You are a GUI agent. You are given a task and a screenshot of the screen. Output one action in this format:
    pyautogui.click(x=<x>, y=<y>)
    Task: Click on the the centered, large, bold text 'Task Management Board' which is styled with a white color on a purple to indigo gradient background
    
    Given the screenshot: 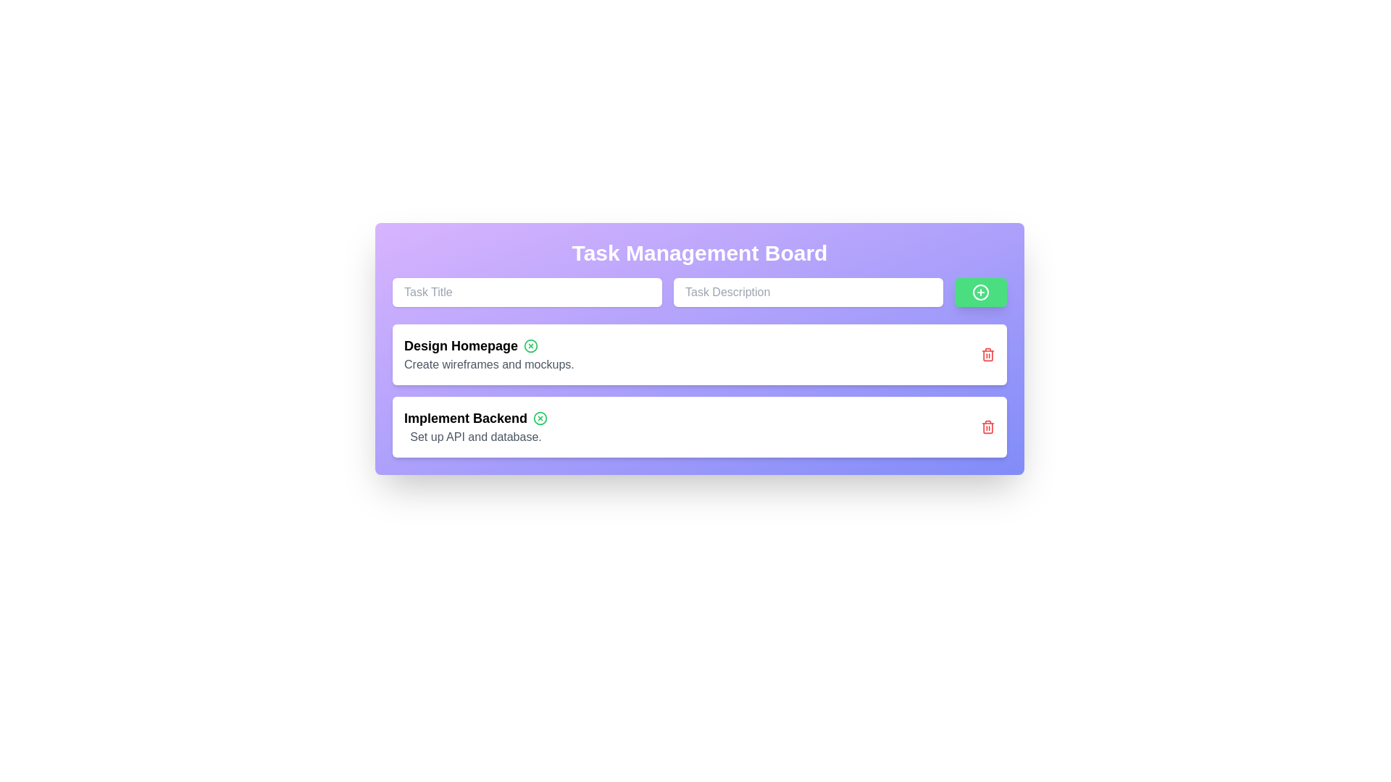 What is the action you would take?
    pyautogui.click(x=699, y=253)
    